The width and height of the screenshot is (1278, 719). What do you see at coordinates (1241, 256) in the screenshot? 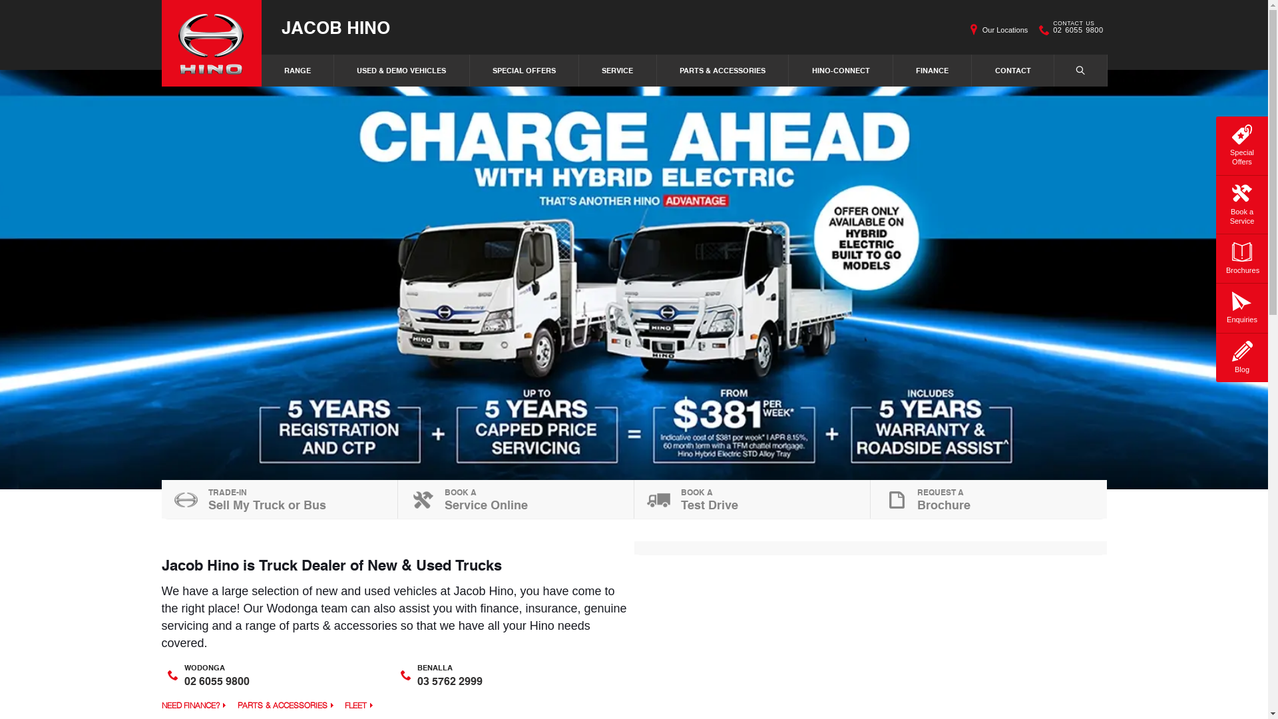
I see `'Brochures'` at bounding box center [1241, 256].